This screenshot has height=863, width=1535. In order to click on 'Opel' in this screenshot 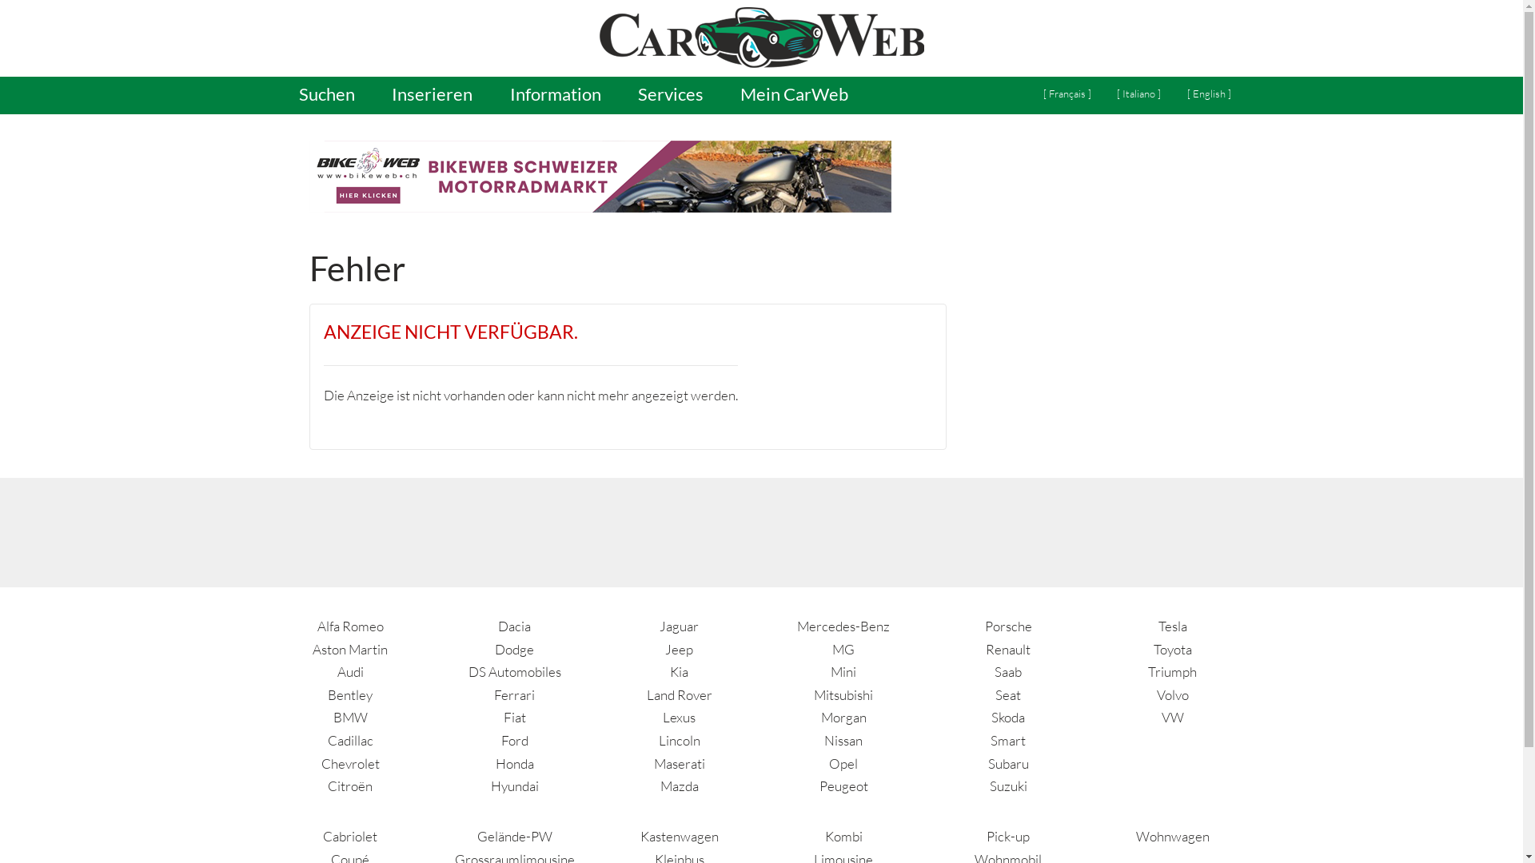, I will do `click(843, 762)`.